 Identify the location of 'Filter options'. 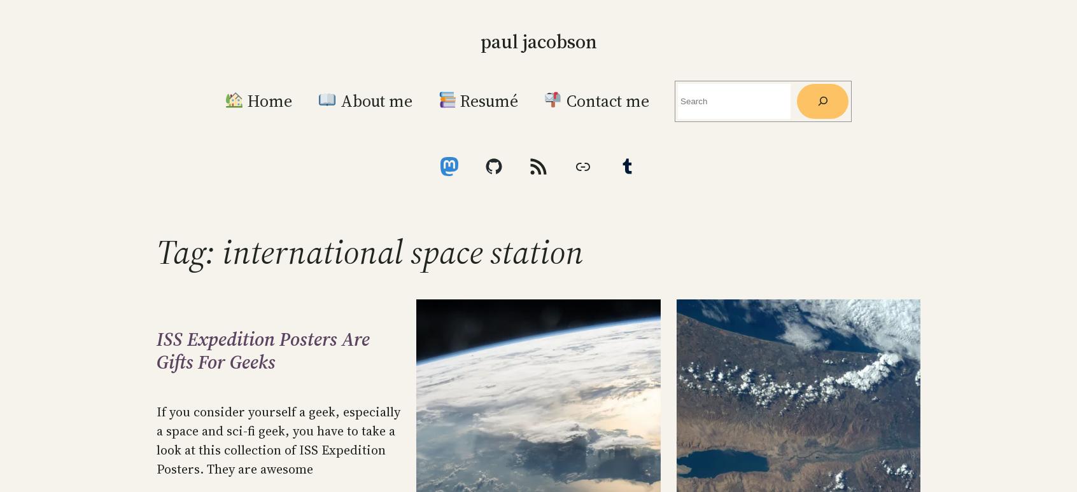
(869, 83).